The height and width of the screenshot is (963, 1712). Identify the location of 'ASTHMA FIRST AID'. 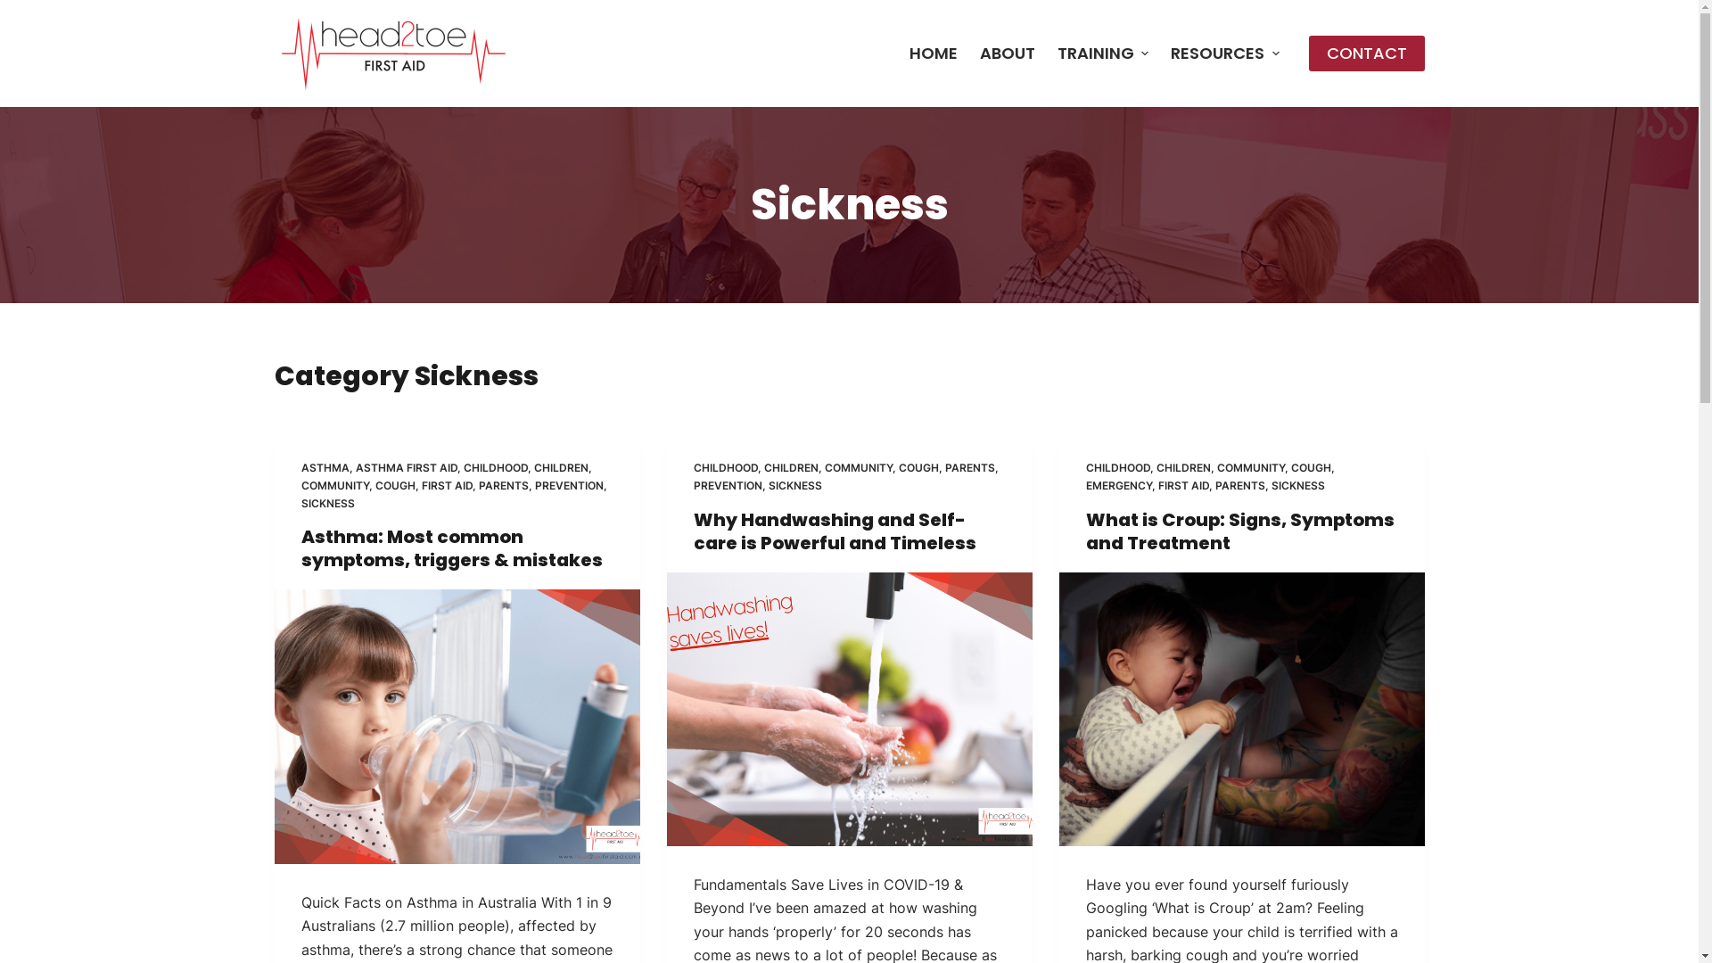
(405, 466).